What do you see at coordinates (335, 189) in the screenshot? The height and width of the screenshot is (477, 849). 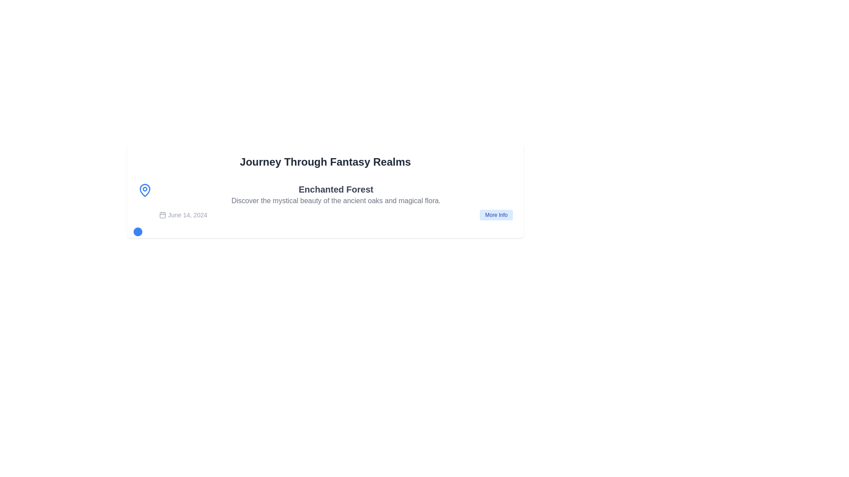 I see `Heading or Title Text that serves as the label for the associated section of content, positioned centrally above other textual elements` at bounding box center [335, 189].